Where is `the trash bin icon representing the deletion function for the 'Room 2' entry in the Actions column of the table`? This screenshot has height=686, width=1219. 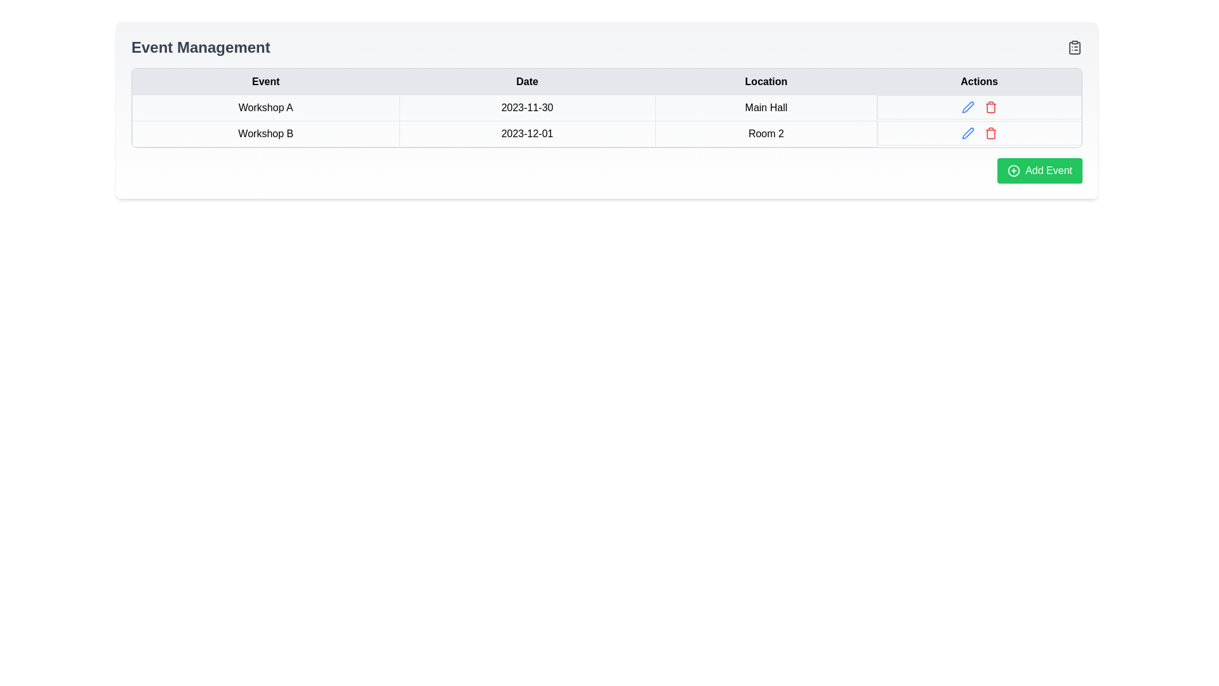 the trash bin icon representing the deletion function for the 'Room 2' entry in the Actions column of the table is located at coordinates (990, 134).